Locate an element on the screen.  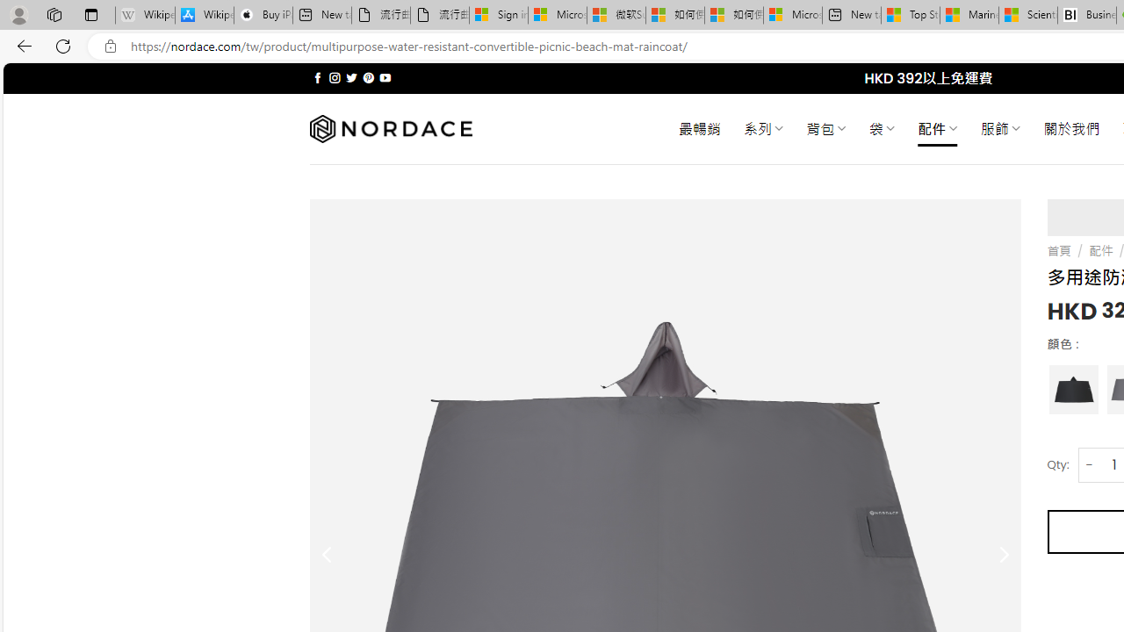
'-' is located at coordinates (1088, 463).